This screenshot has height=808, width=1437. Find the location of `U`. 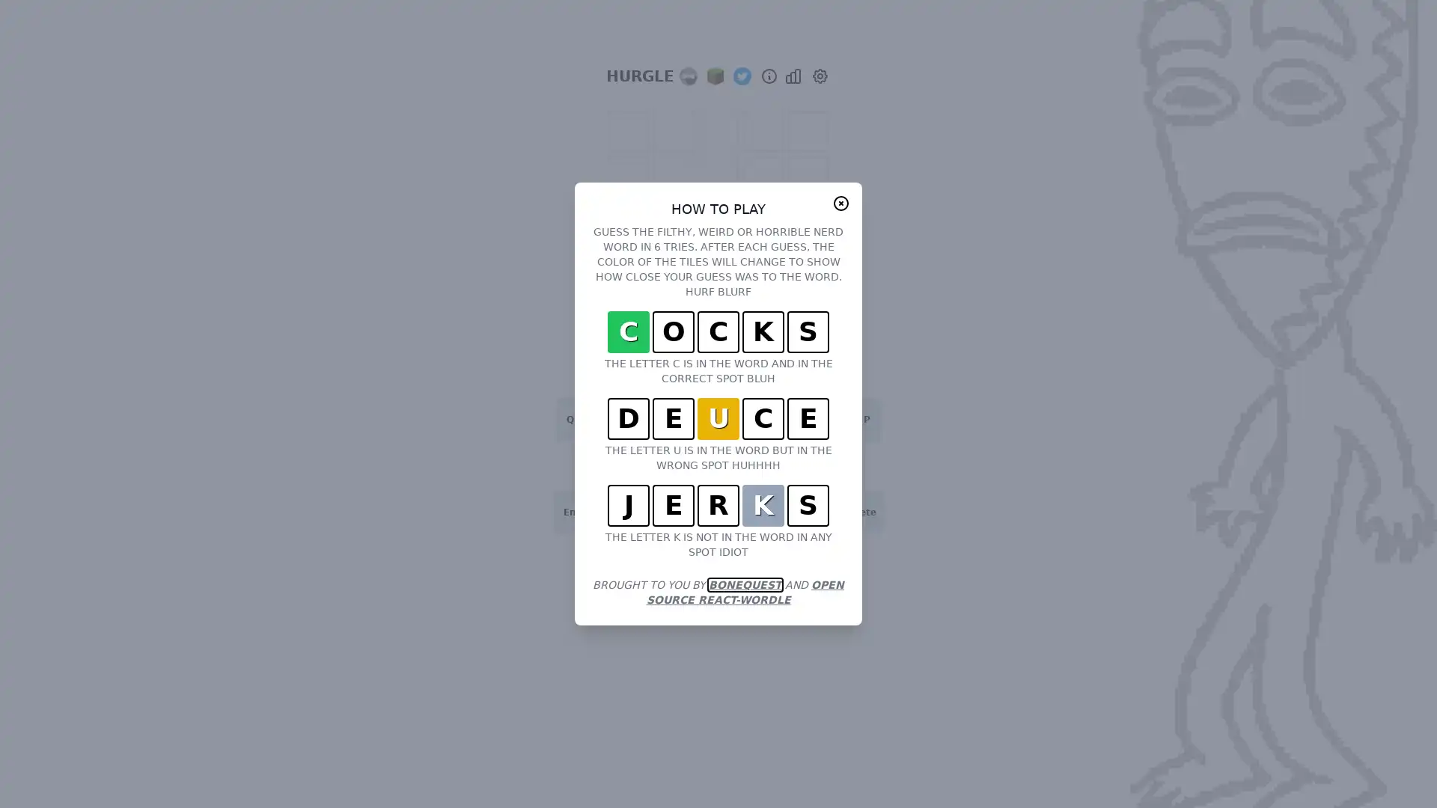

U is located at coordinates (768, 419).